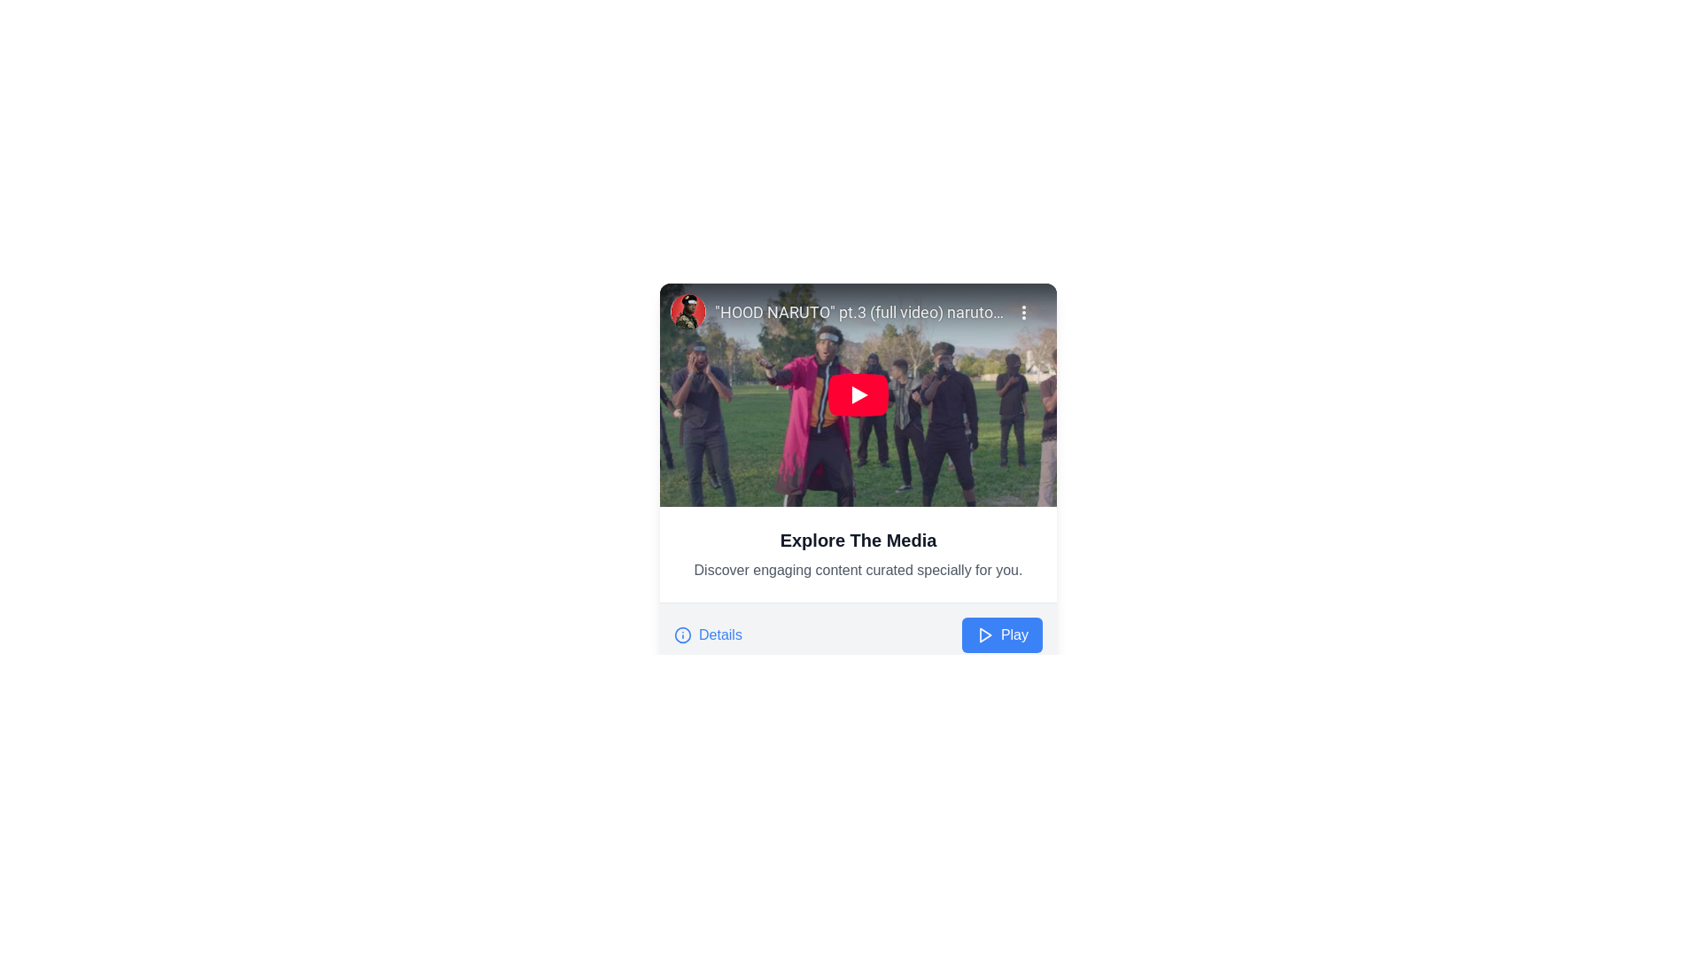 This screenshot has width=1701, height=957. What do you see at coordinates (983, 634) in the screenshot?
I see `the play icon located within the 'Play' button at the bottom right corner of the card component to initiate video playback` at bounding box center [983, 634].